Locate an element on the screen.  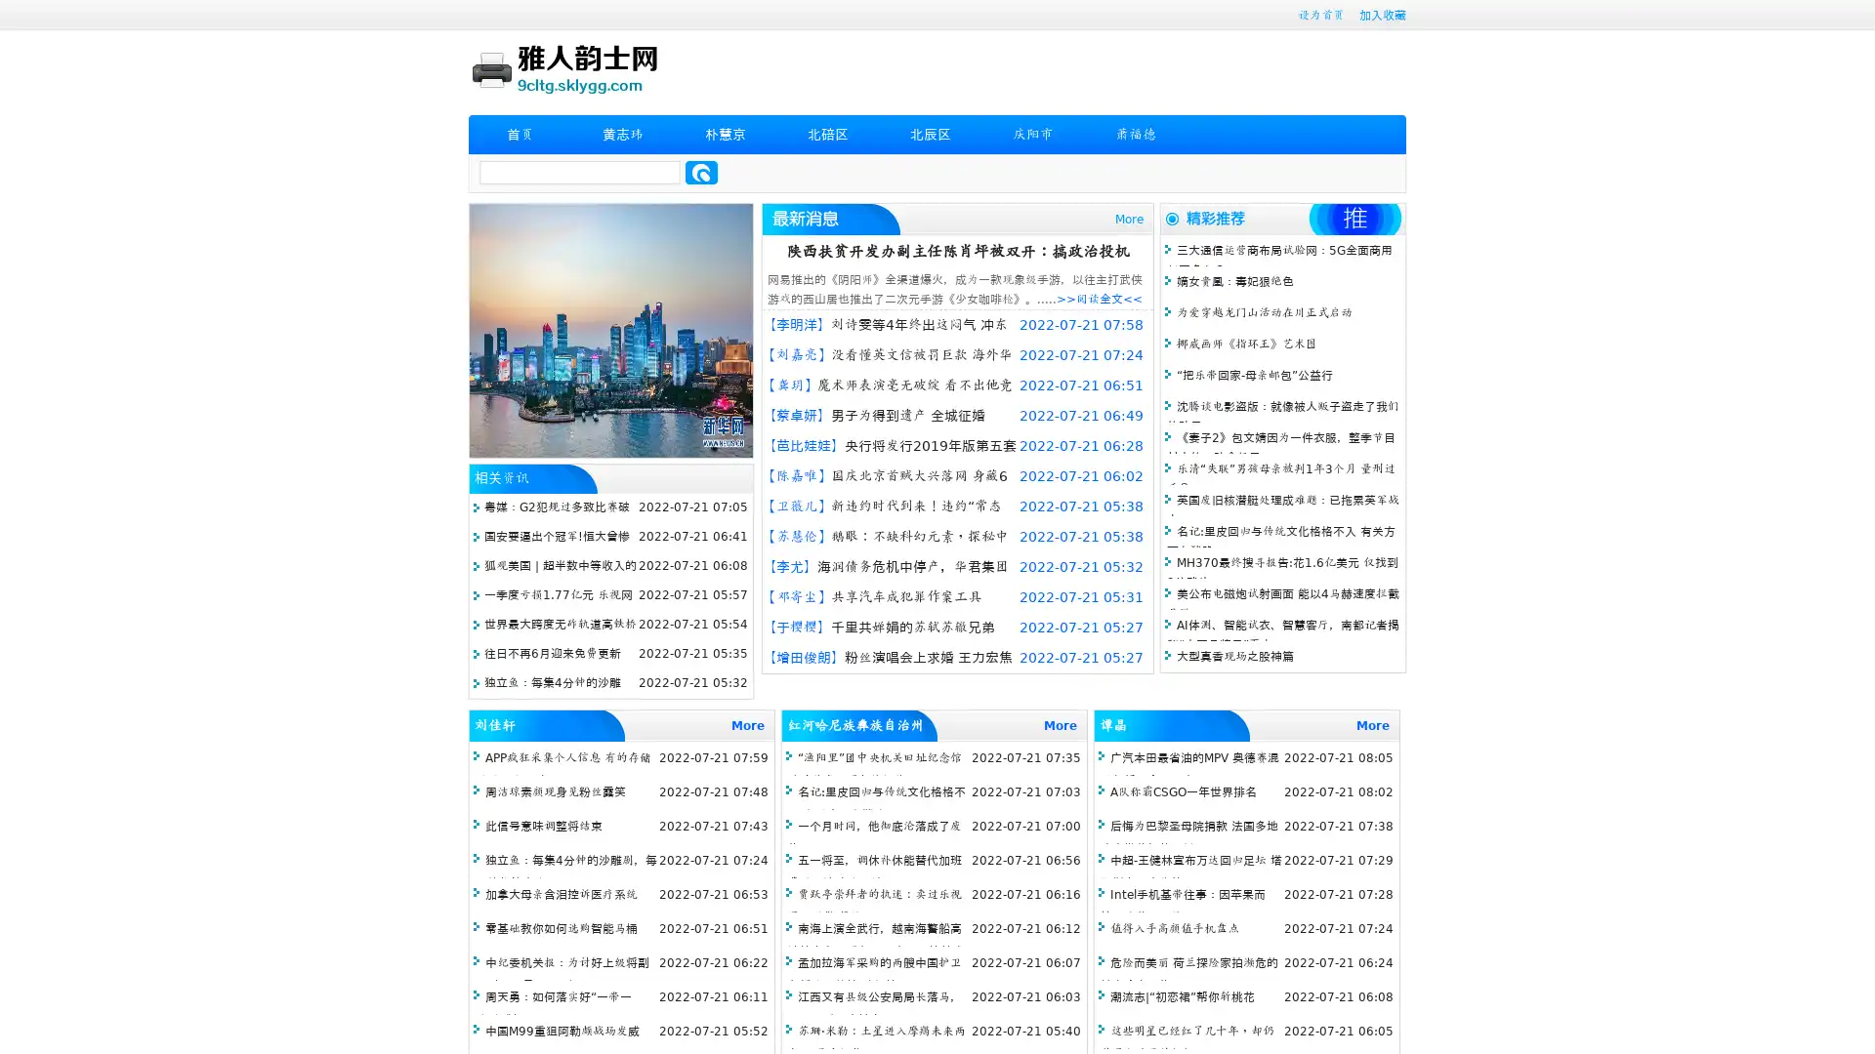
Search is located at coordinates (701, 172).